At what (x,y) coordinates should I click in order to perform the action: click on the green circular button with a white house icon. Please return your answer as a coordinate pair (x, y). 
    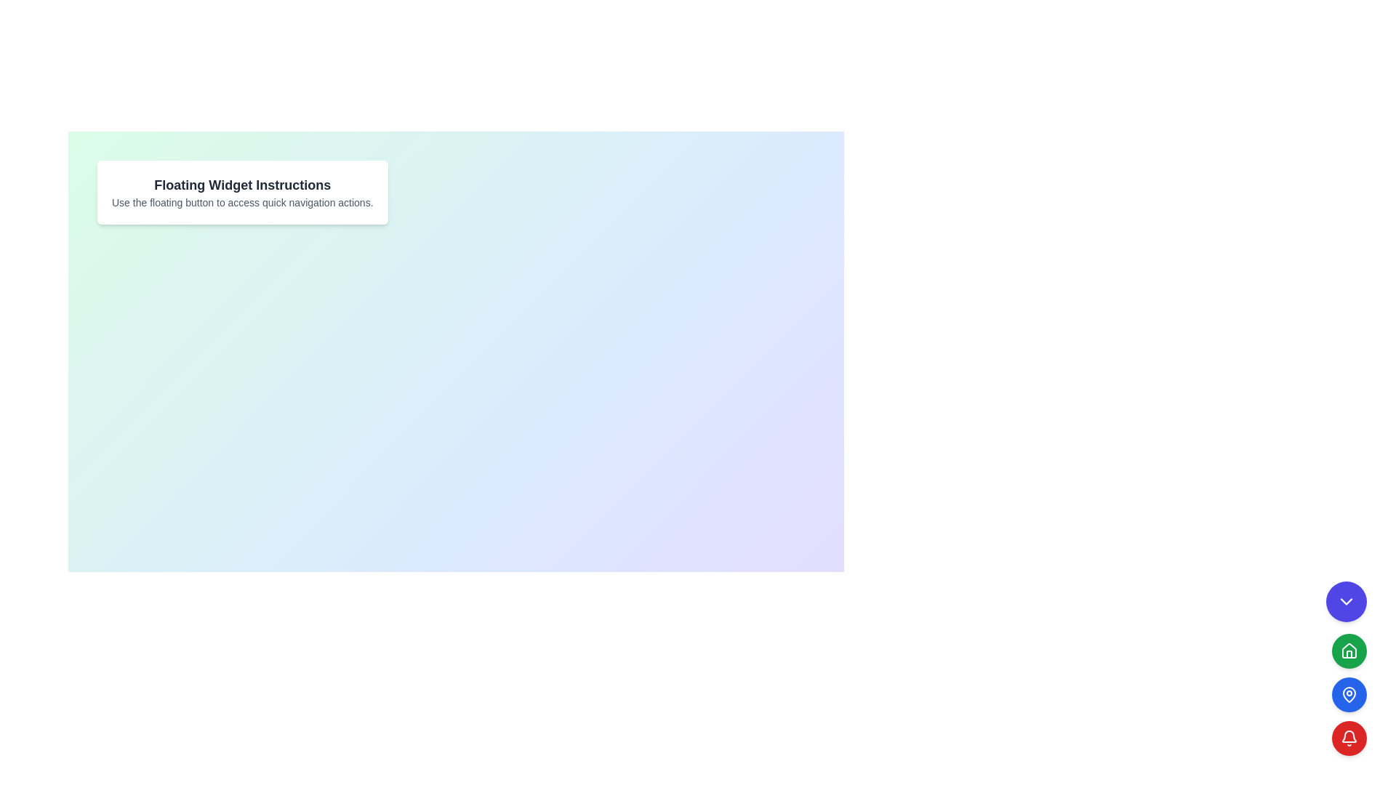
    Looking at the image, I should click on (1346, 669).